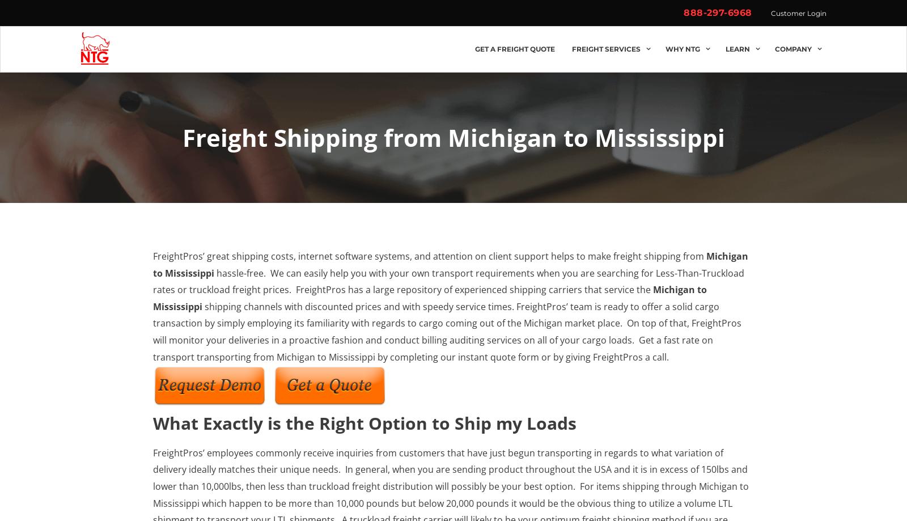 This screenshot has width=907, height=521. I want to click on 'Get a Freight Quote', so click(514, 48).